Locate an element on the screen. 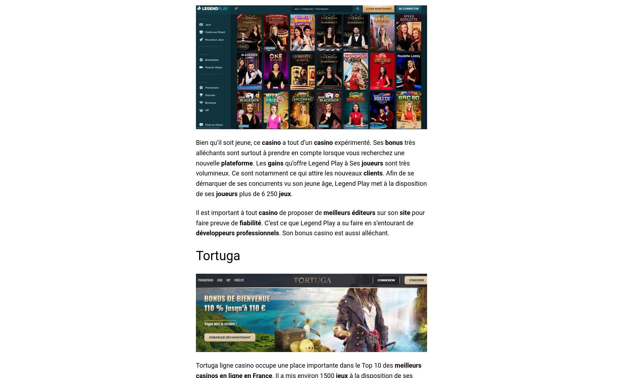 This screenshot has width=623, height=378. 'sont très volumineux. Ce sont notamment ce qui attire les nouveaux' is located at coordinates (302, 167).